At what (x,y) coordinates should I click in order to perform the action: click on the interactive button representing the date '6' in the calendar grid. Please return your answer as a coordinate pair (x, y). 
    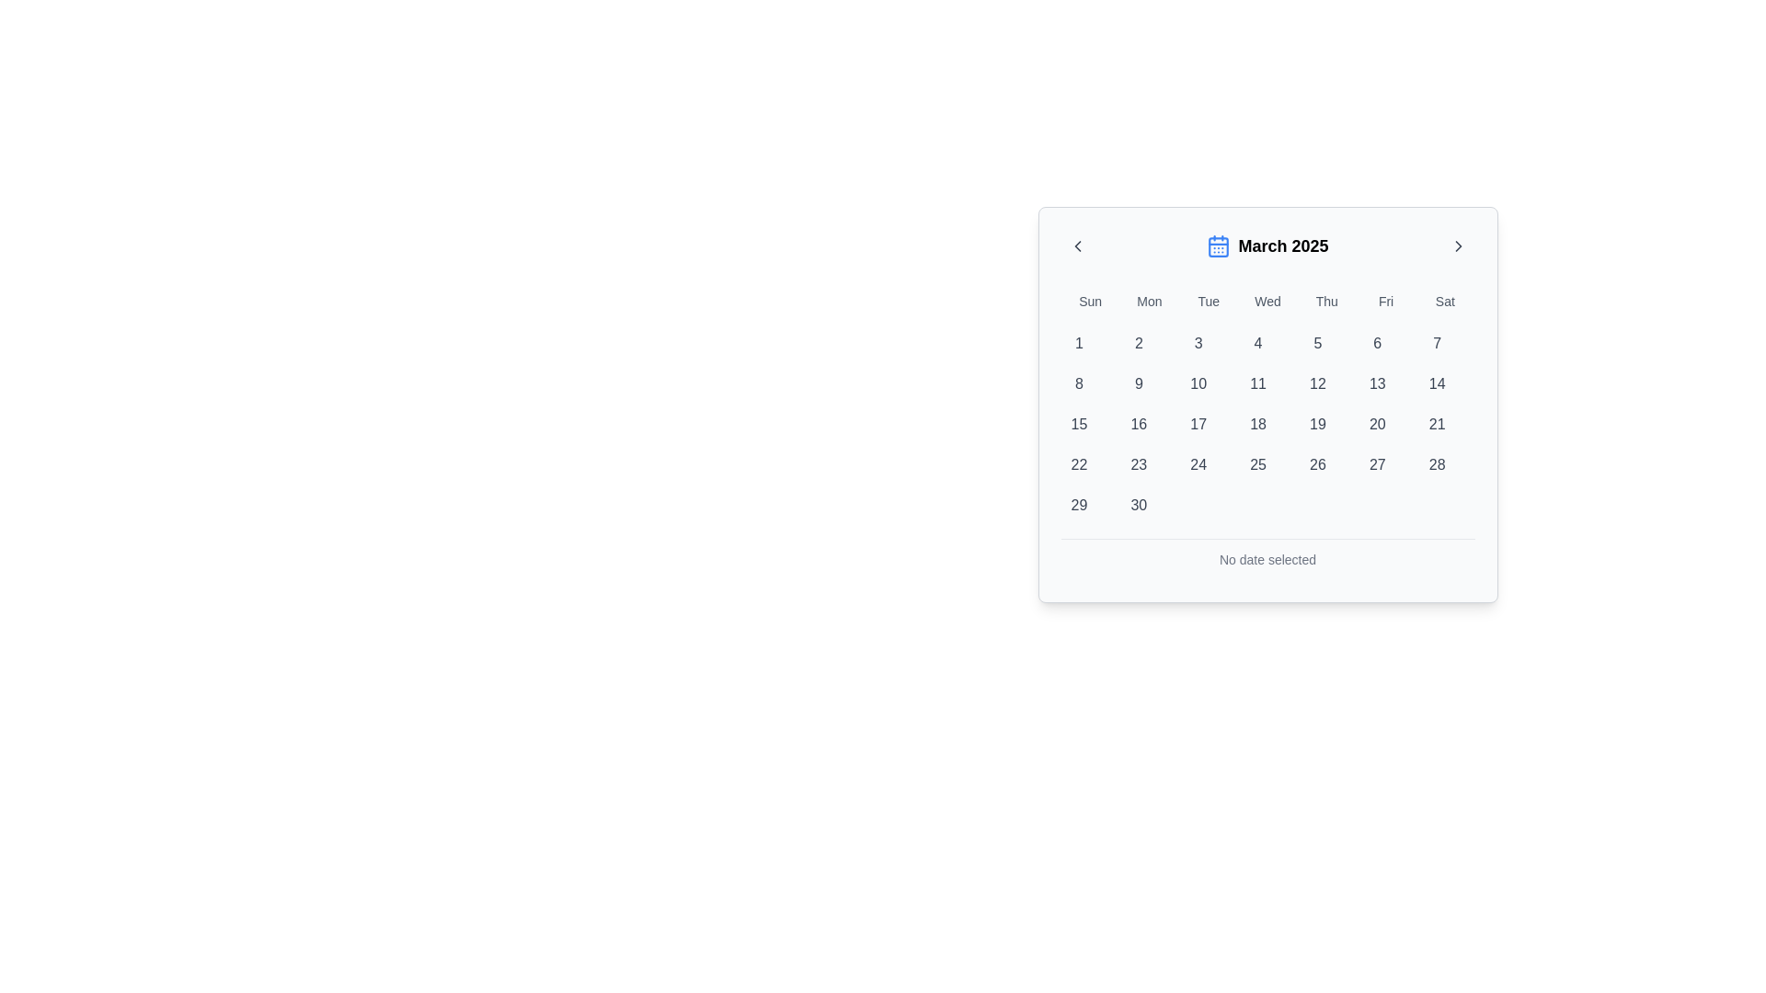
    Looking at the image, I should click on (1377, 344).